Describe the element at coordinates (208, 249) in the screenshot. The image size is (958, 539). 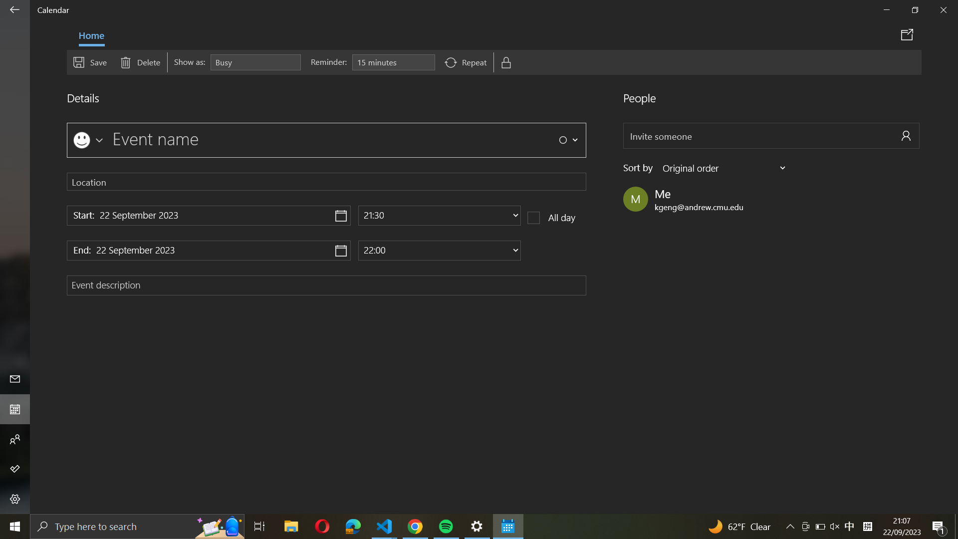
I see `Navigate and set the event"s finish date` at that location.